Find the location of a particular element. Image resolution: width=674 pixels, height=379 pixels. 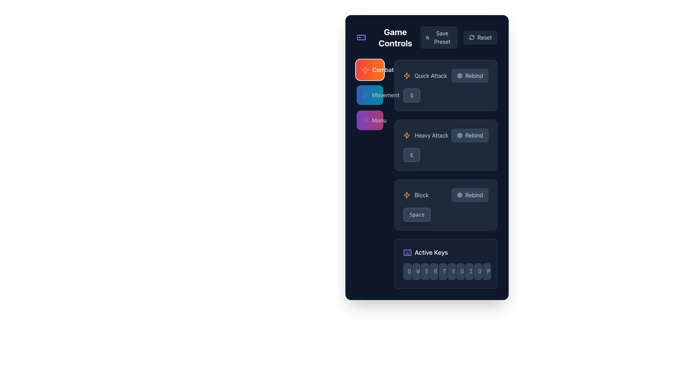

the static text label displaying 'Game Controls', which is styled with bold, white text and located in the top-left quadrant of the interface is located at coordinates (395, 38).